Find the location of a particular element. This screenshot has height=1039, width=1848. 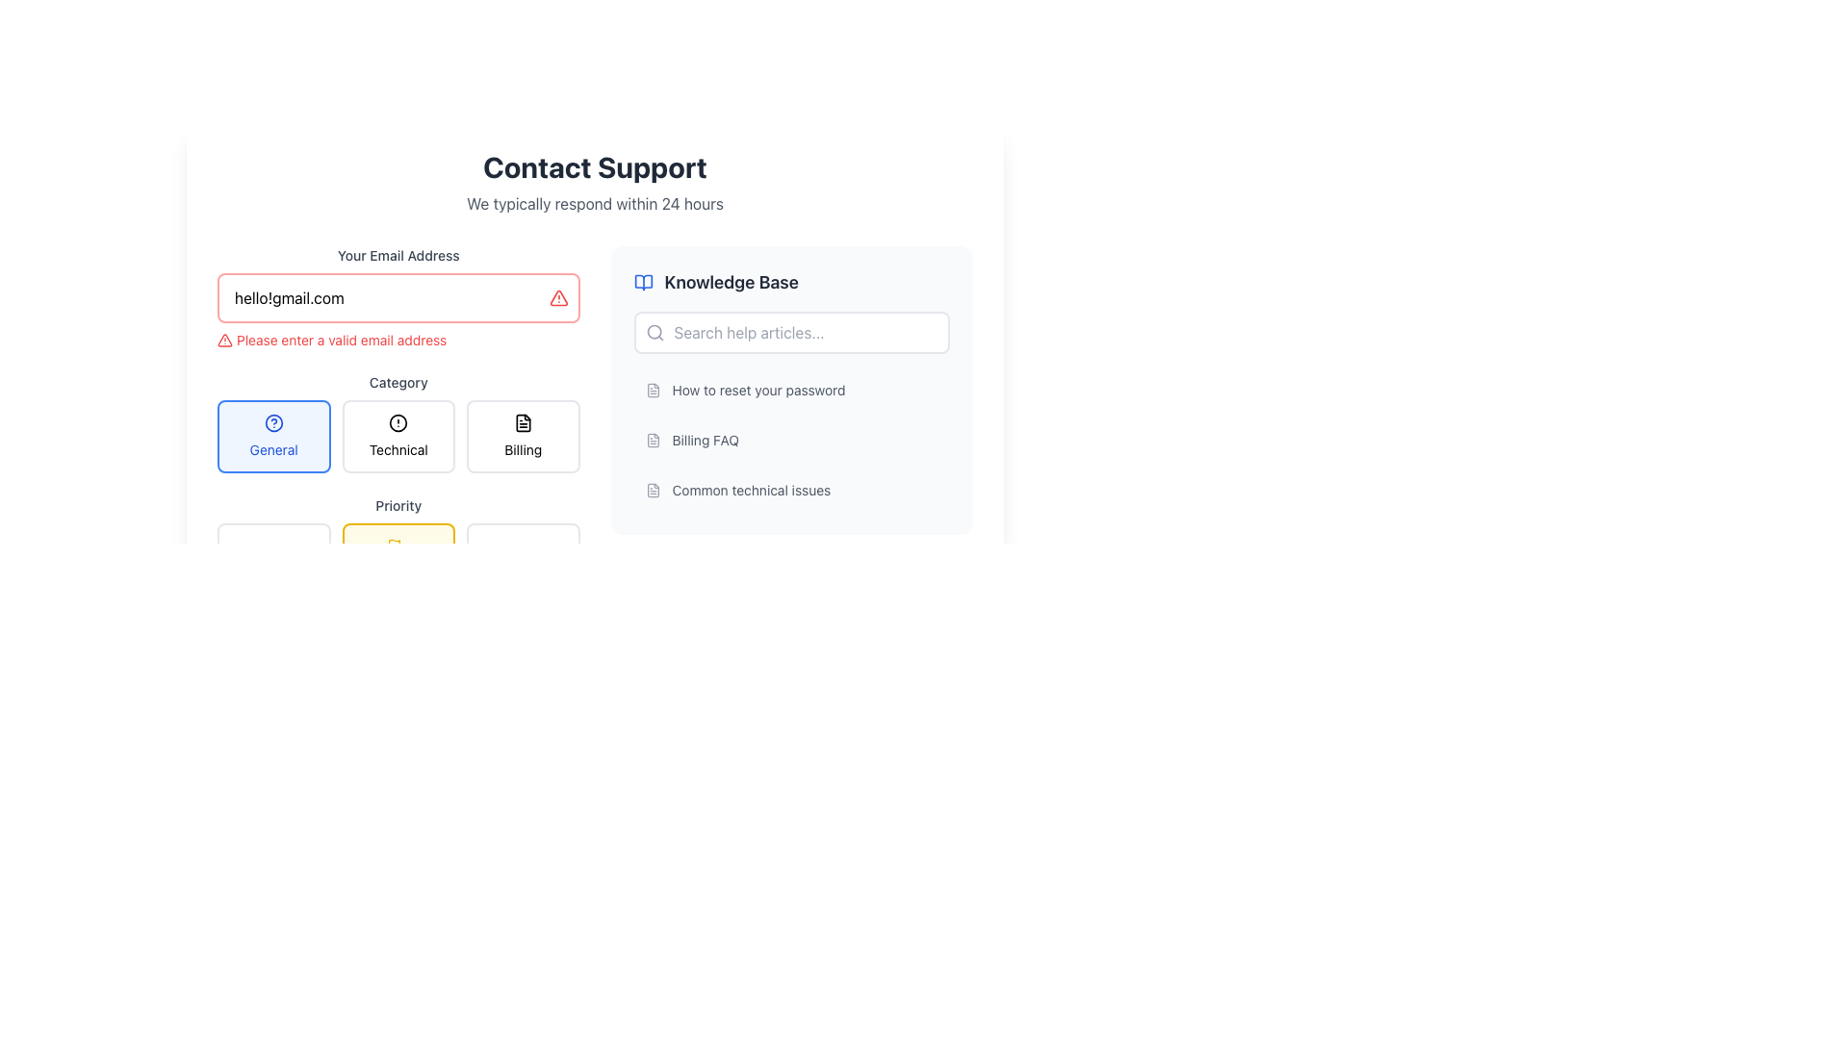

the circular icon representing the 'General' category within the category selection interface is located at coordinates (272, 421).